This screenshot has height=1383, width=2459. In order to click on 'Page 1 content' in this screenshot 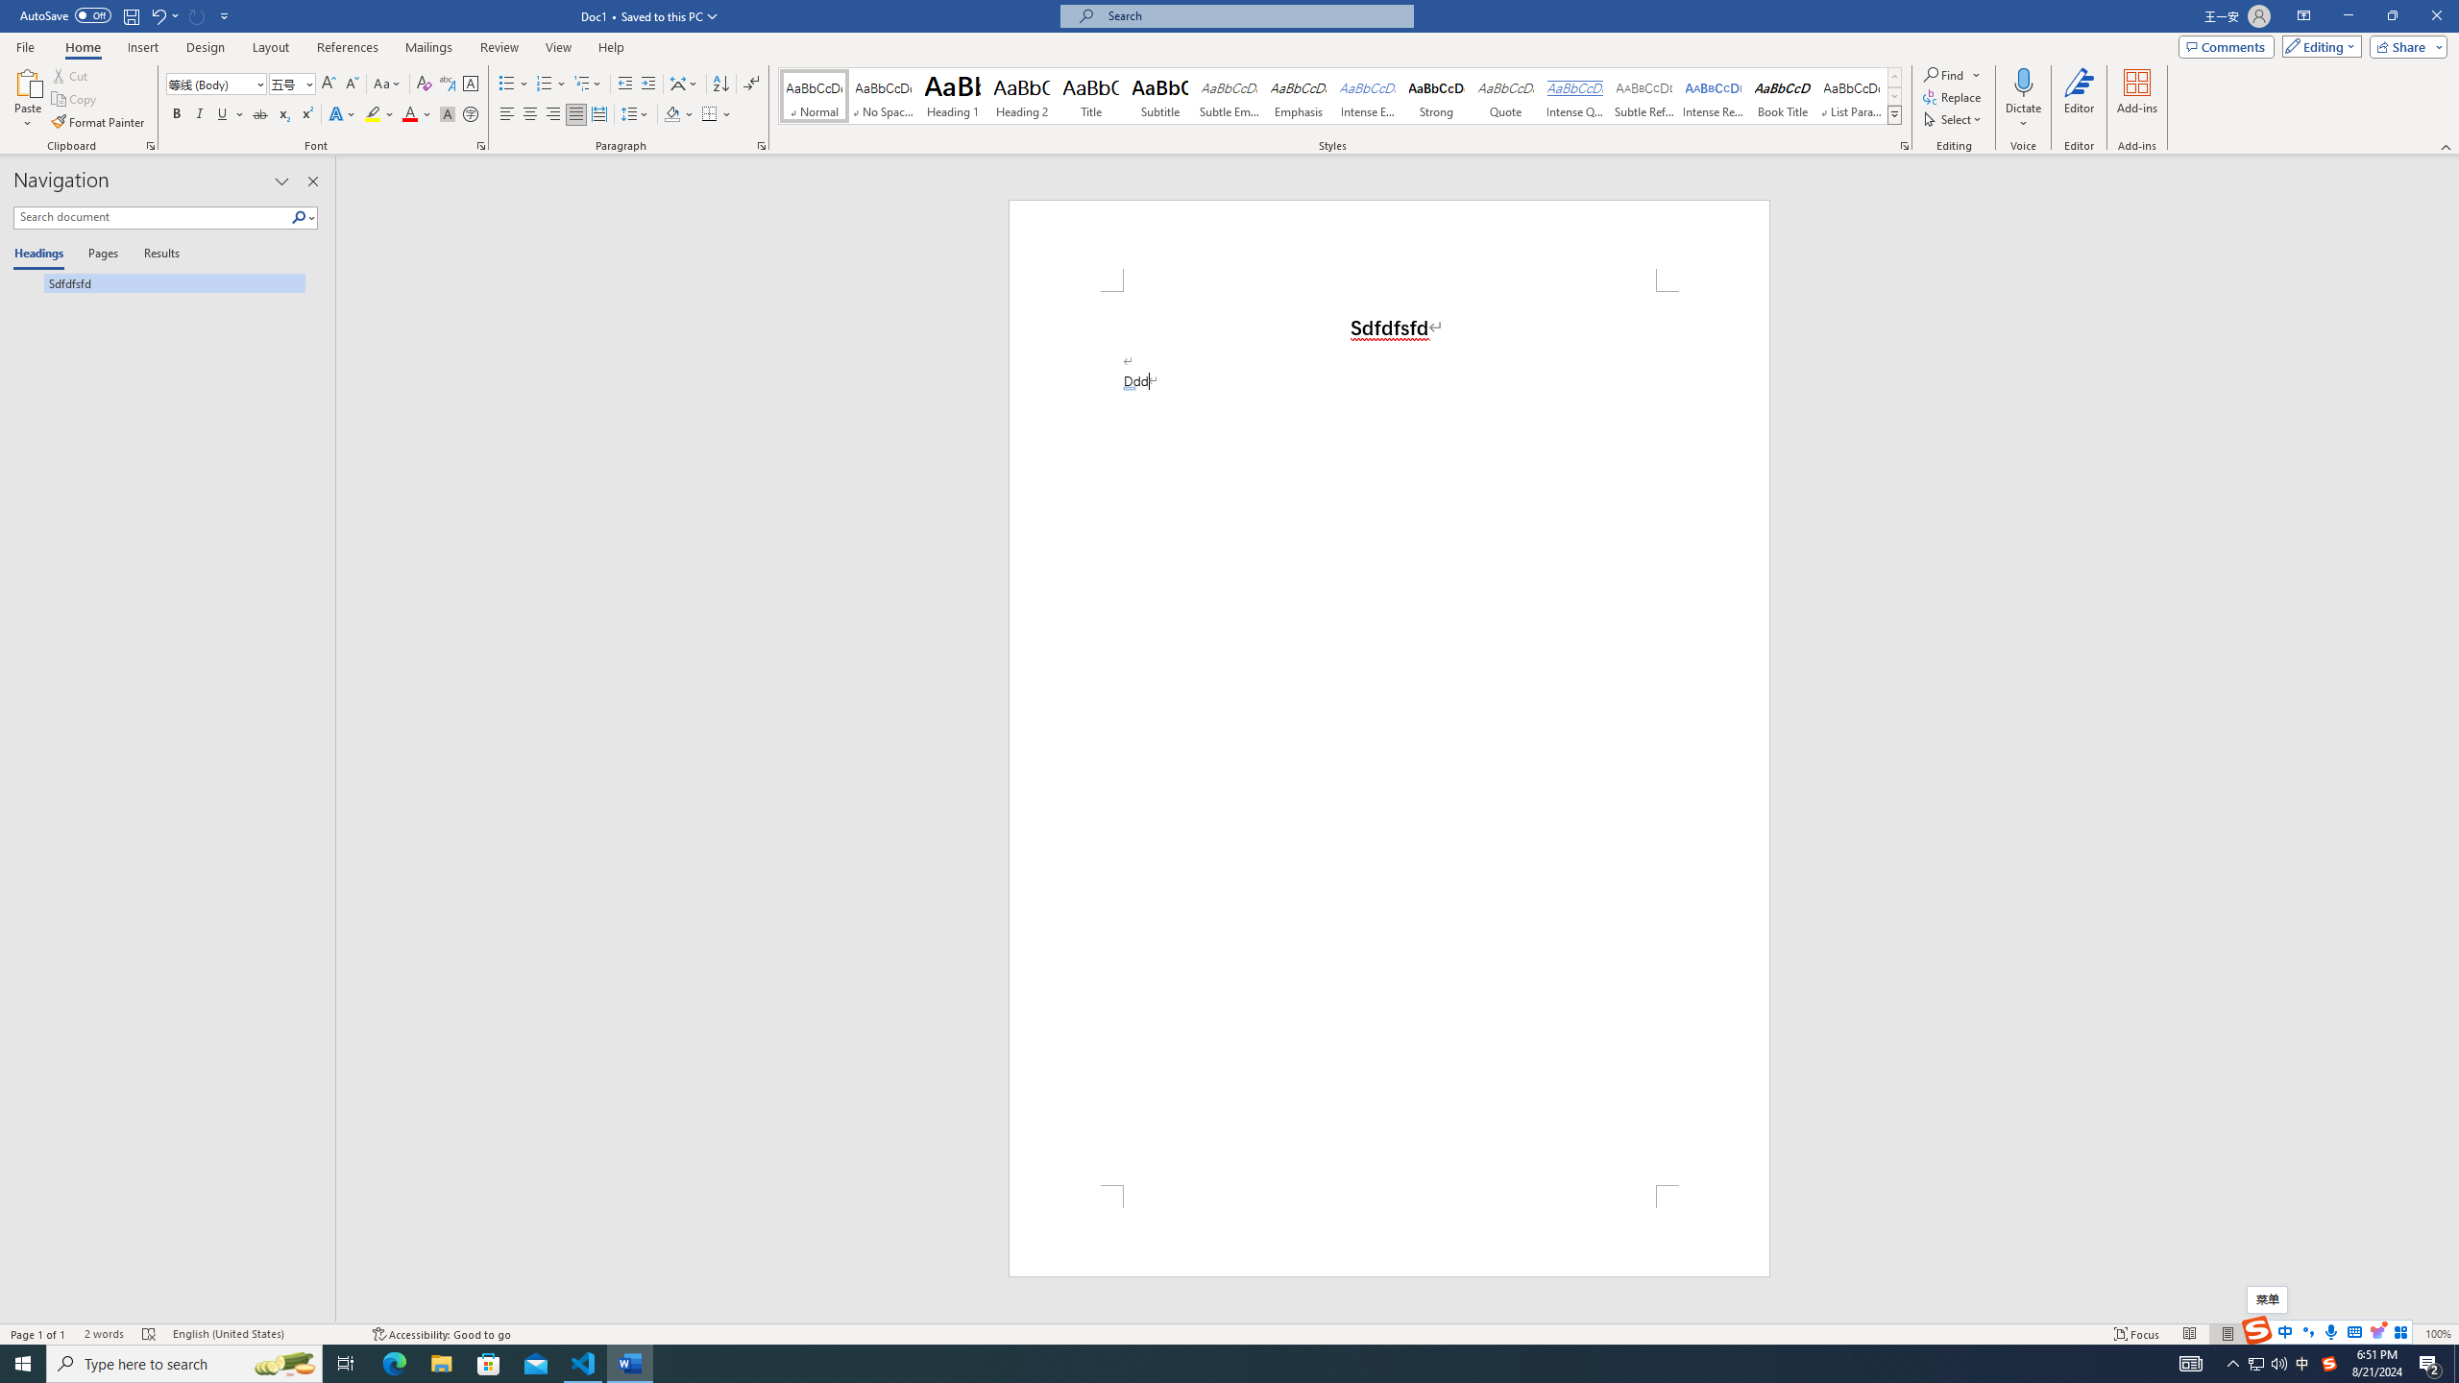, I will do `click(1389, 737)`.